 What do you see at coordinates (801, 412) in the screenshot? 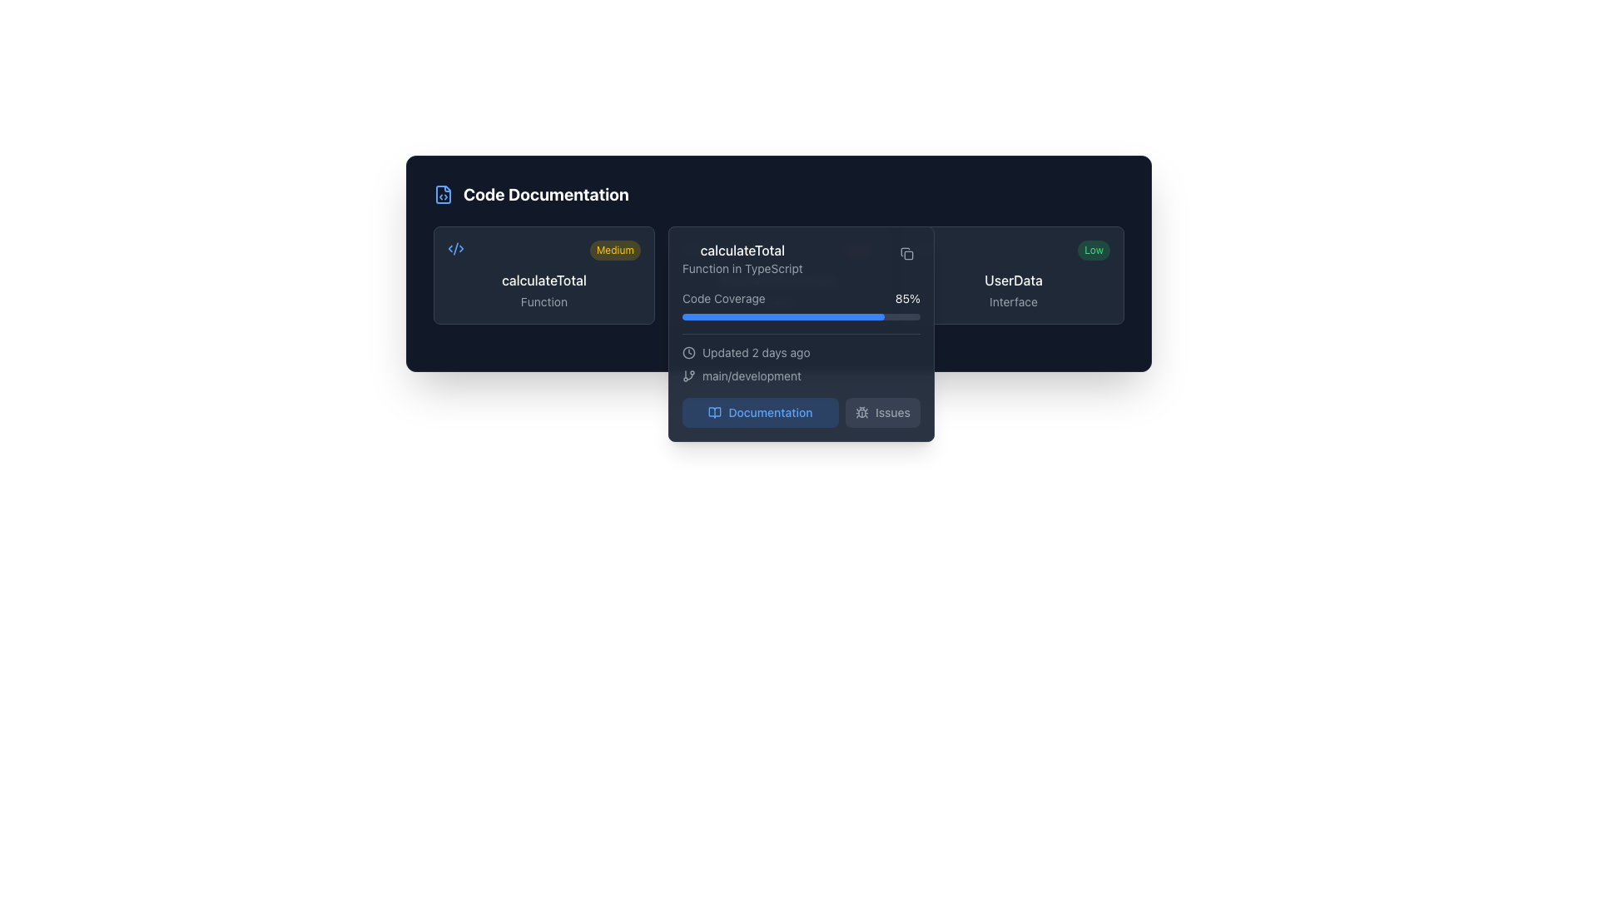
I see `the 'Documentation' button in the Button Group located at the bottom of the card section detailing the 'calculateTotal' function` at bounding box center [801, 412].